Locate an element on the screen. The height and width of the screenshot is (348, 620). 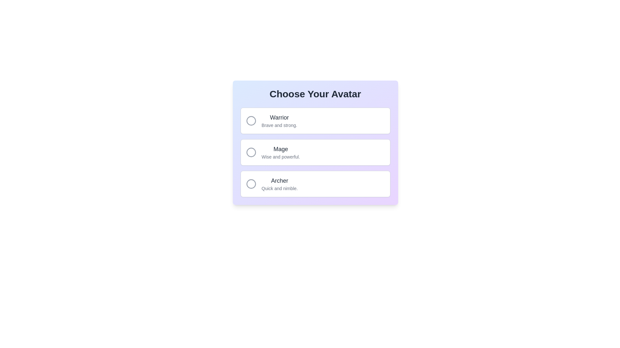
the 'Mage' selectable card, which is the second card in a vertical list of three cards is located at coordinates (315, 152).